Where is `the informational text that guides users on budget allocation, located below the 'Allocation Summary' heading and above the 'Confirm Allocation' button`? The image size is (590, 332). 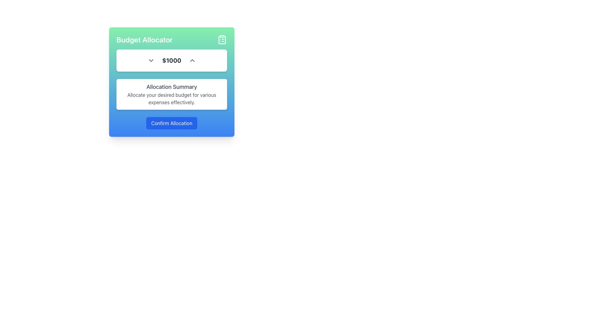 the informational text that guides users on budget allocation, located below the 'Allocation Summary' heading and above the 'Confirm Allocation' button is located at coordinates (171, 98).